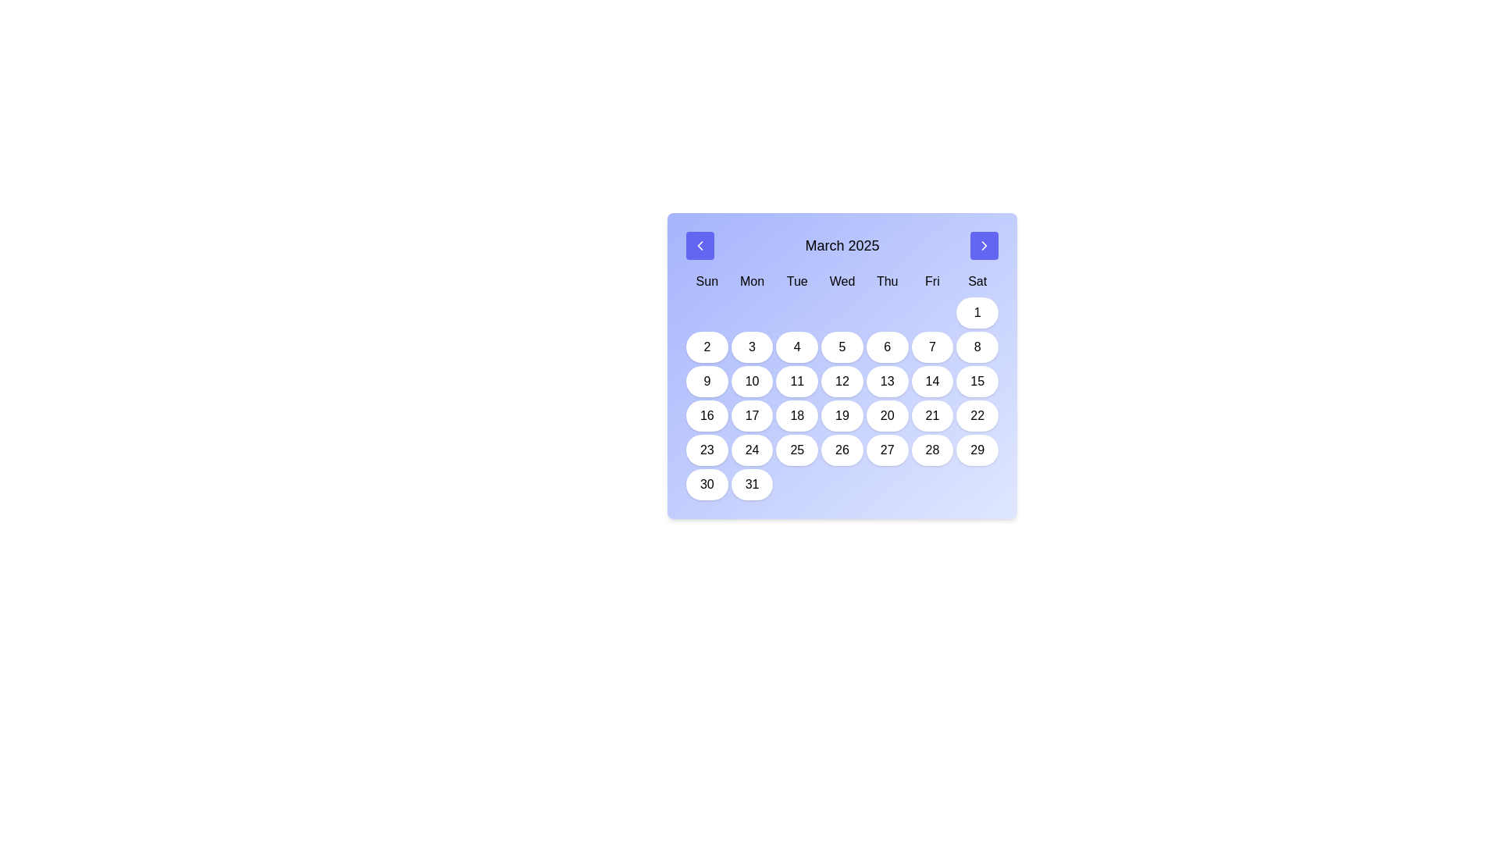 The height and width of the screenshot is (843, 1499). Describe the element at coordinates (842, 397) in the screenshot. I see `to interact with the highlighted grid layout representing the days of the month in the calendar format` at that location.